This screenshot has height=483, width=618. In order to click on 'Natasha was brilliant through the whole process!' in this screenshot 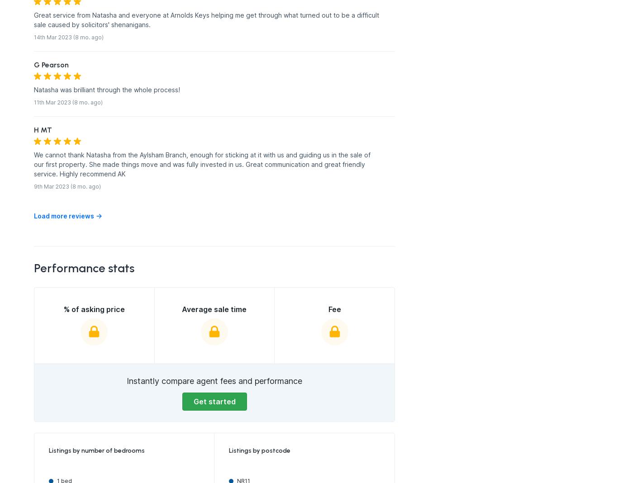, I will do `click(107, 90)`.